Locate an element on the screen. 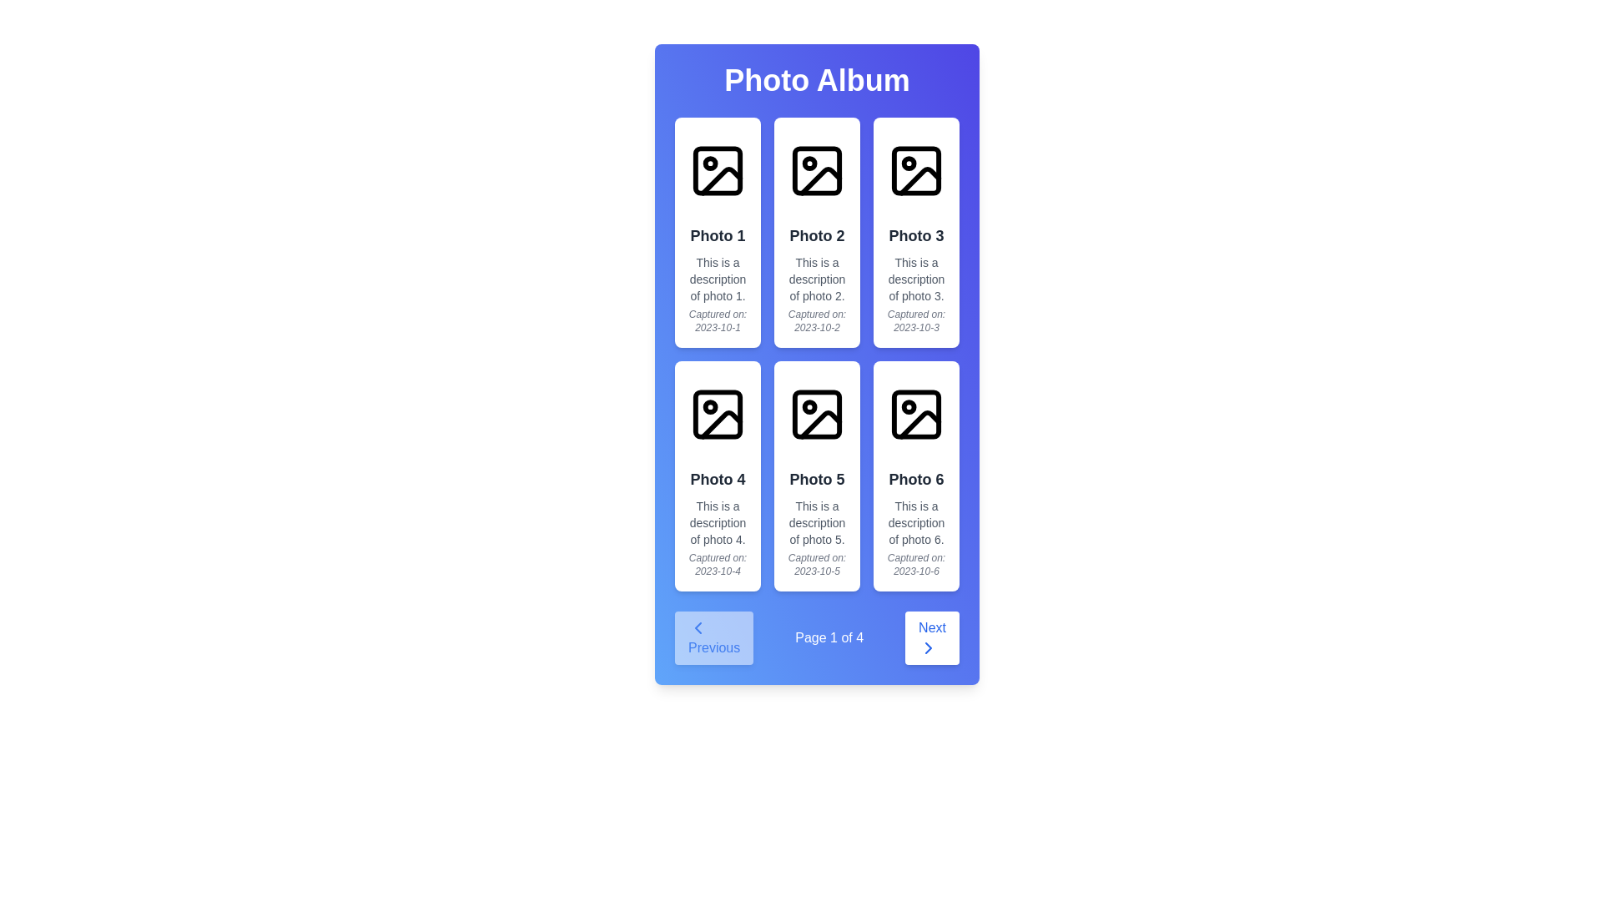  the static text label that identifies the card as 'Photo 4', located centrally at the top of the fourth card in a grid of six cards is located at coordinates (718, 479).